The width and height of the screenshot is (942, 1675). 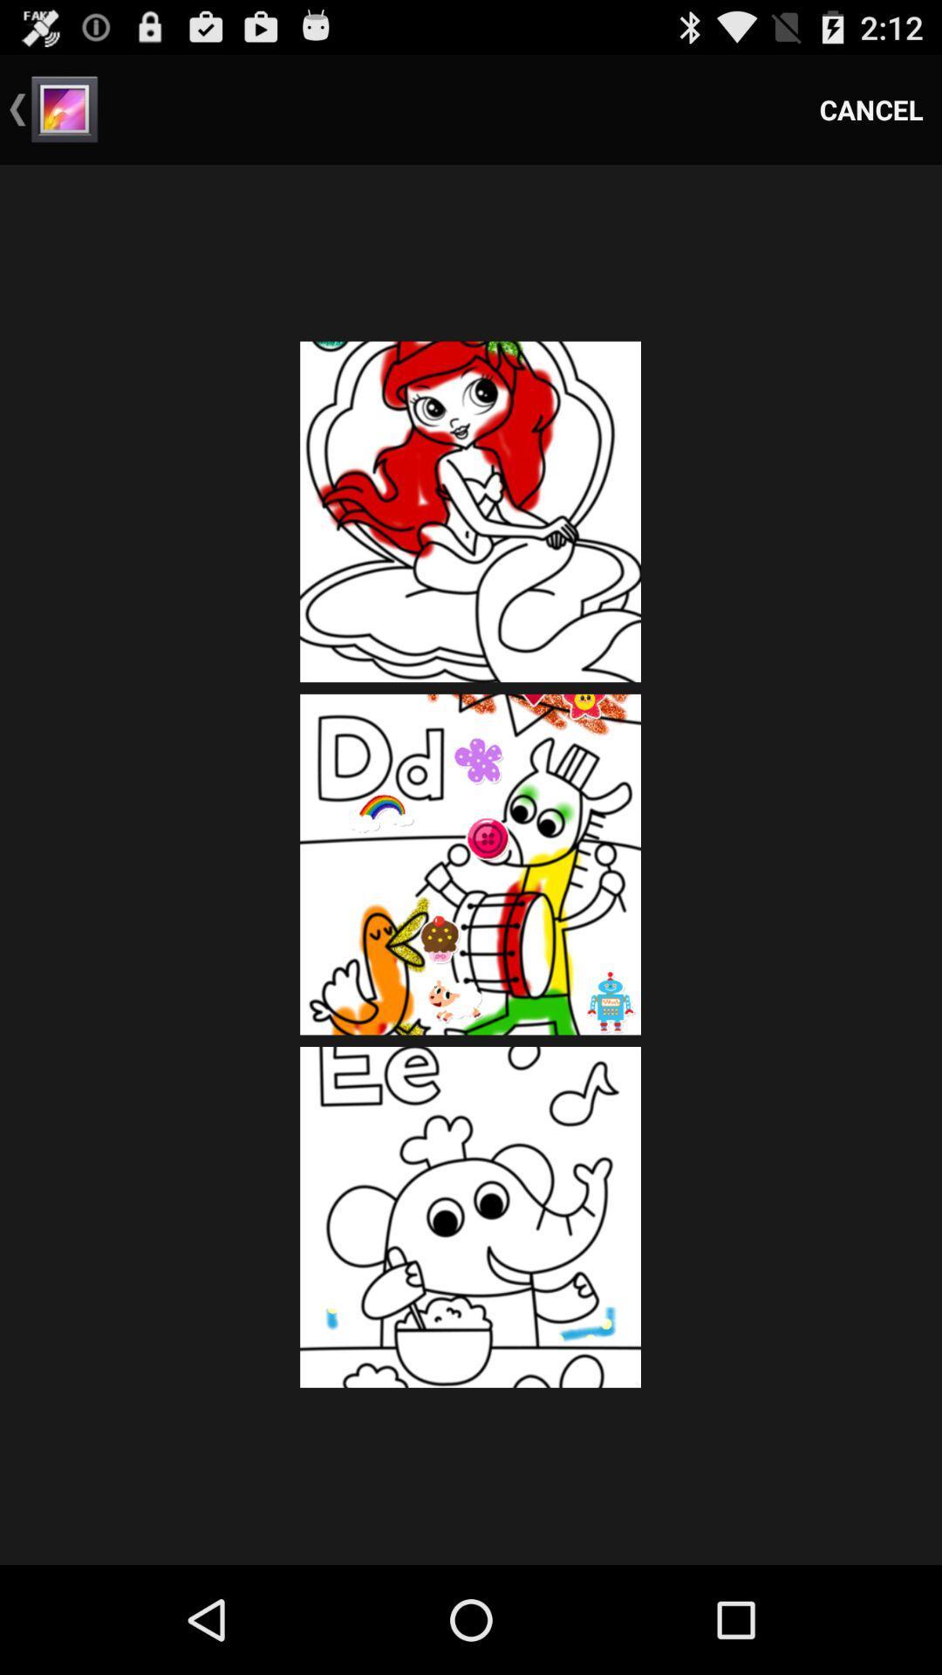 What do you see at coordinates (871, 108) in the screenshot?
I see `the icon at the top right corner` at bounding box center [871, 108].